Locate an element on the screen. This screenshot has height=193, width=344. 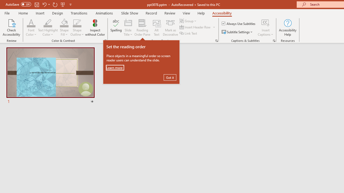
'Insert Captions' is located at coordinates (266, 28).